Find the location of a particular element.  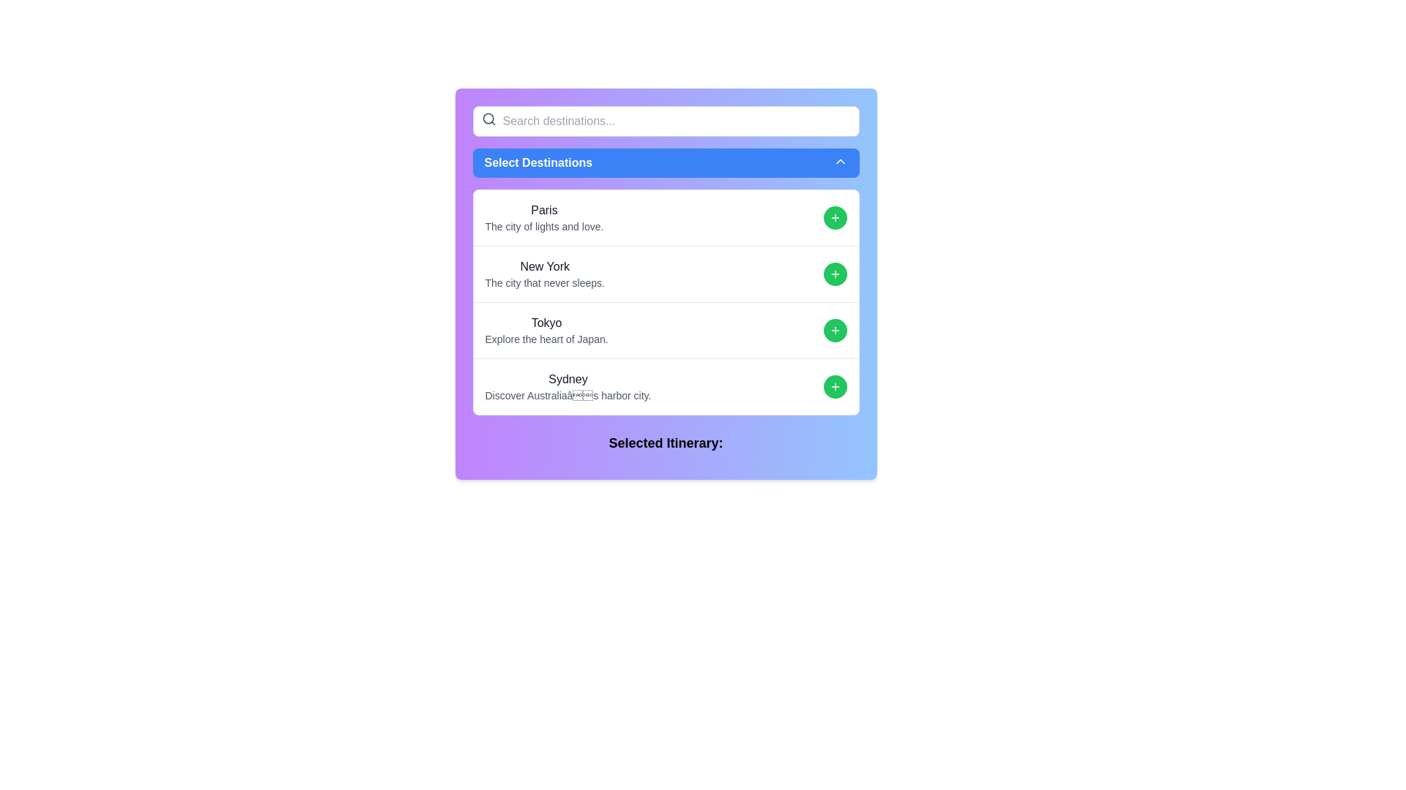

the first '+' icon located to the right of destination items such as 'Paris' and 'New York' in the 'Select Destinations' section is located at coordinates (835, 217).